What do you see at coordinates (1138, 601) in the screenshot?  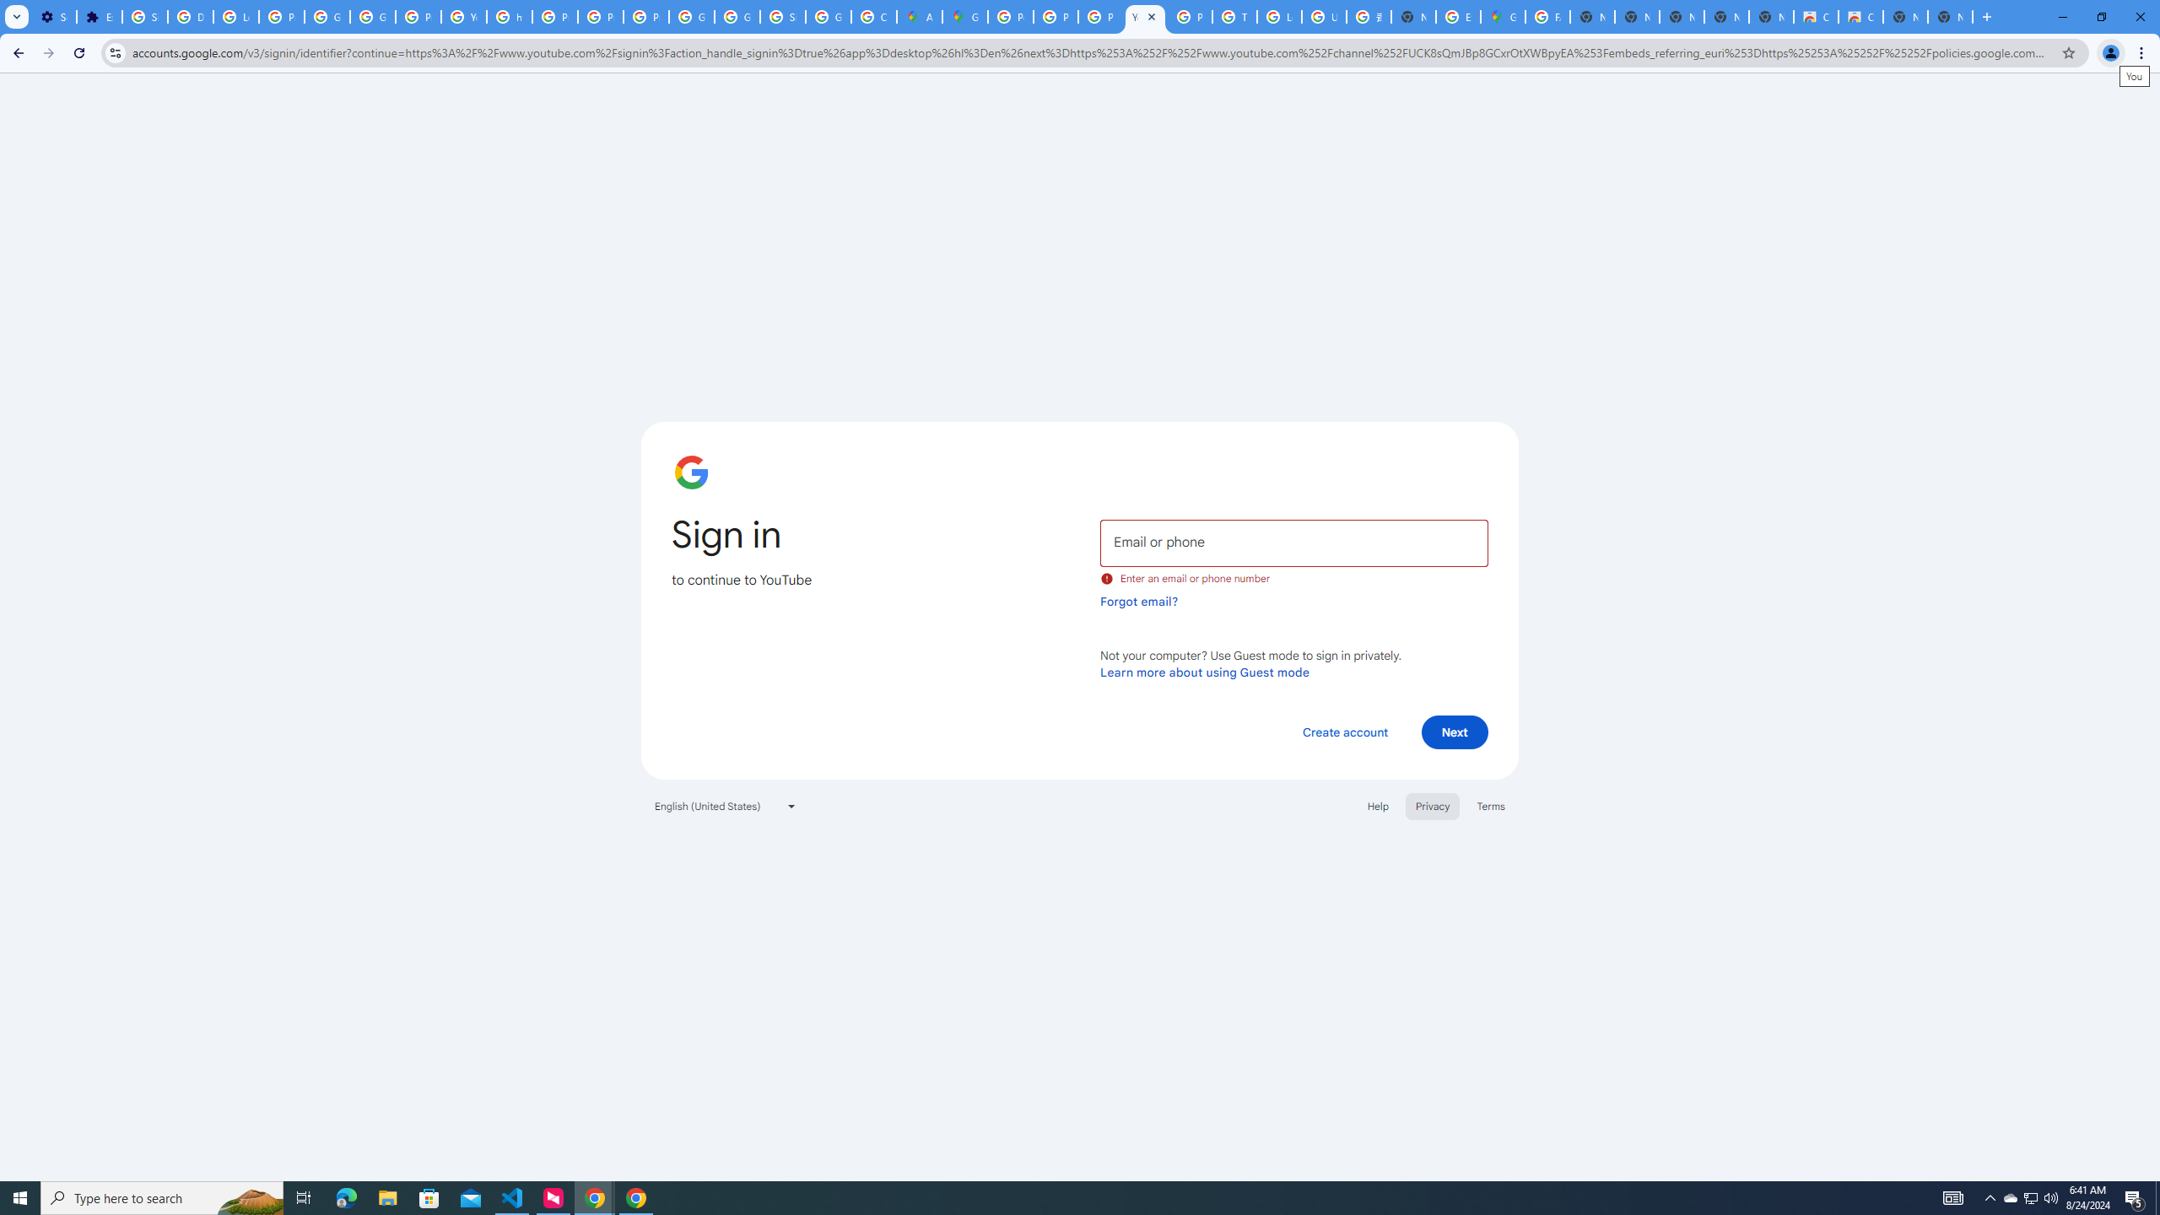 I see `'Forgot email?'` at bounding box center [1138, 601].